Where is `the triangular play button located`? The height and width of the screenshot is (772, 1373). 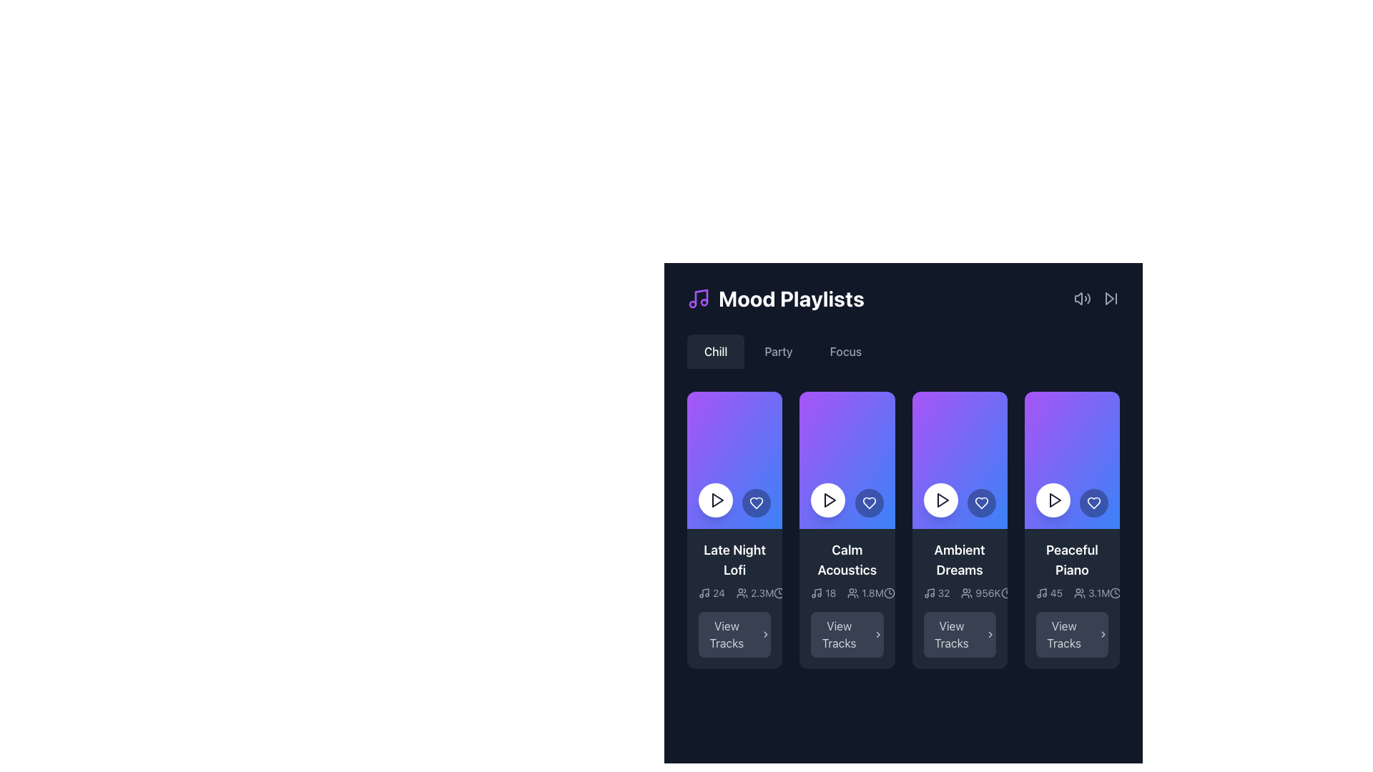 the triangular play button located is located at coordinates (1055, 499).